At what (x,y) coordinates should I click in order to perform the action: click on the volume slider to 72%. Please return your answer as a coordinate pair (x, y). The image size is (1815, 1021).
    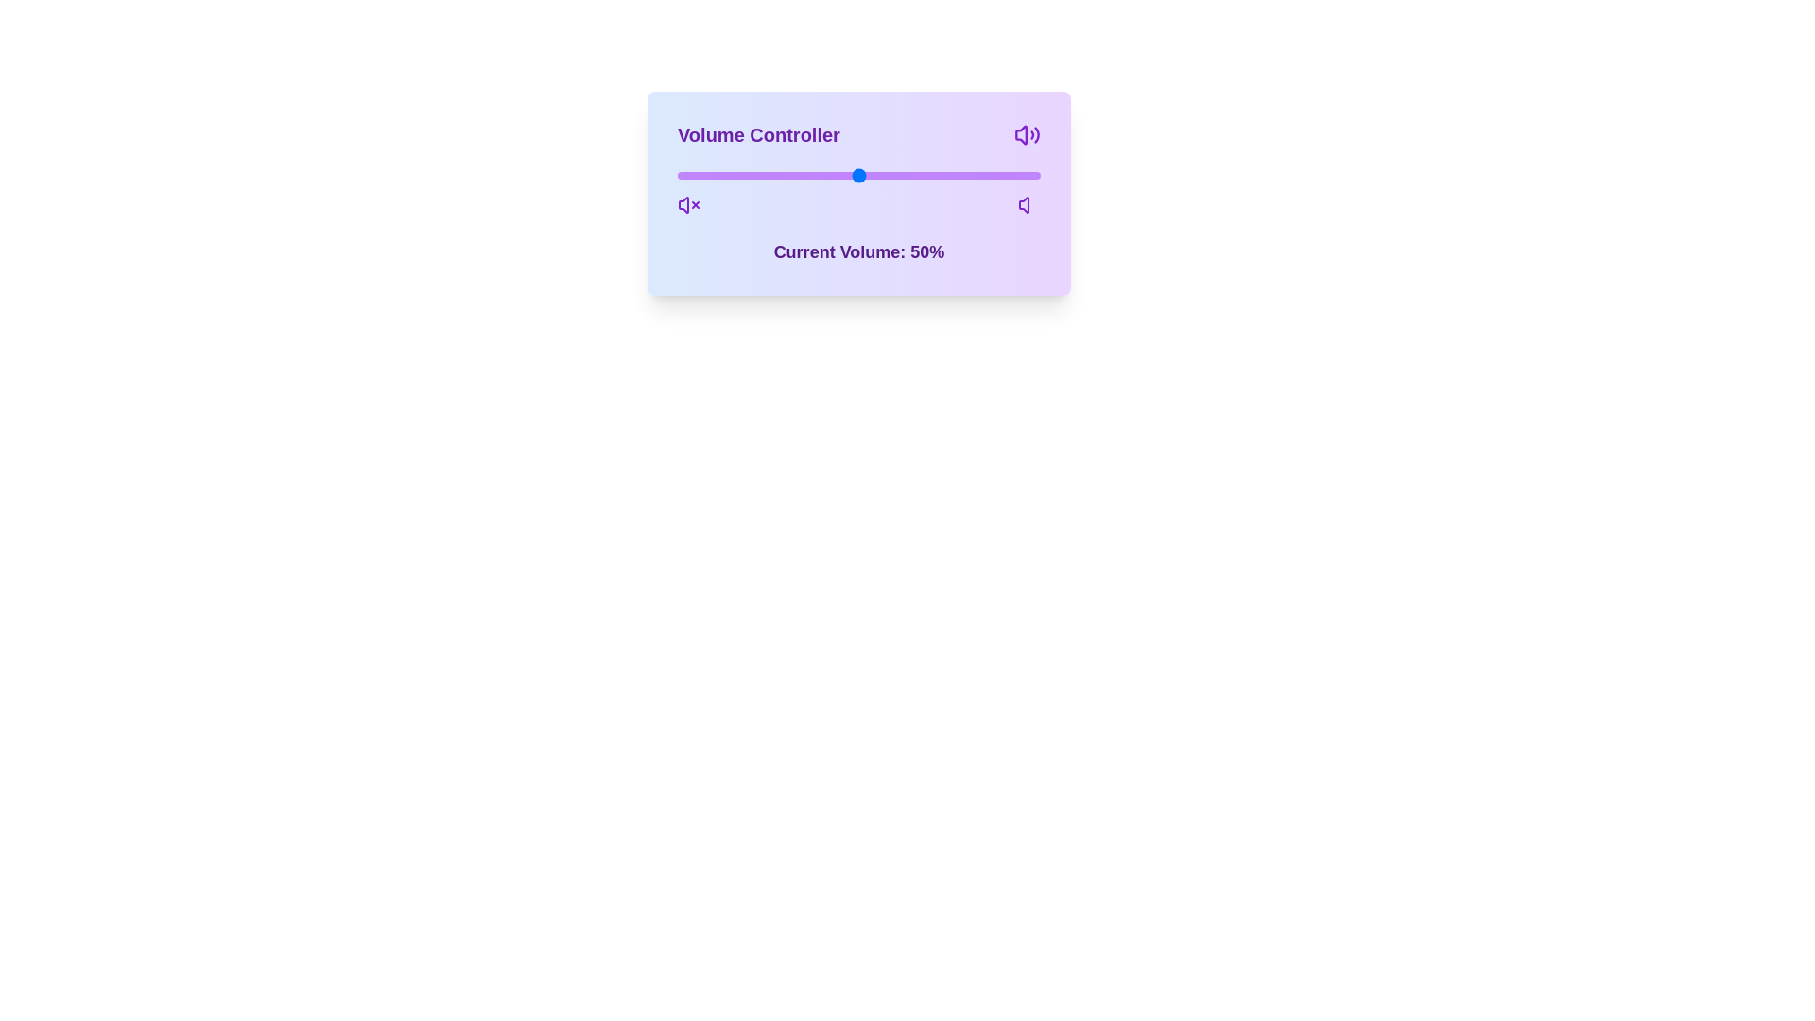
    Looking at the image, I should click on (939, 175).